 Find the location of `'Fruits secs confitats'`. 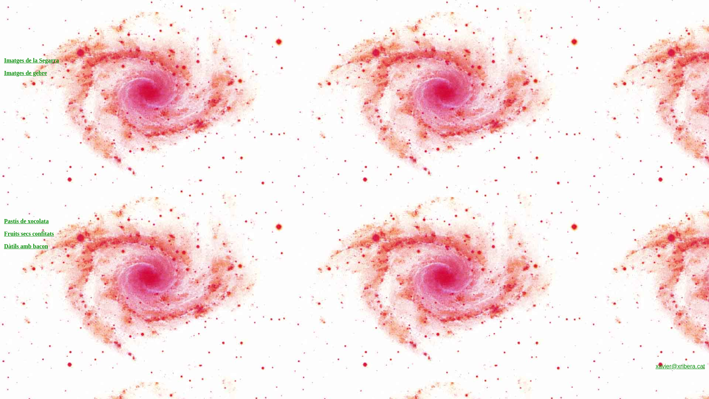

'Fruits secs confitats' is located at coordinates (29, 233).